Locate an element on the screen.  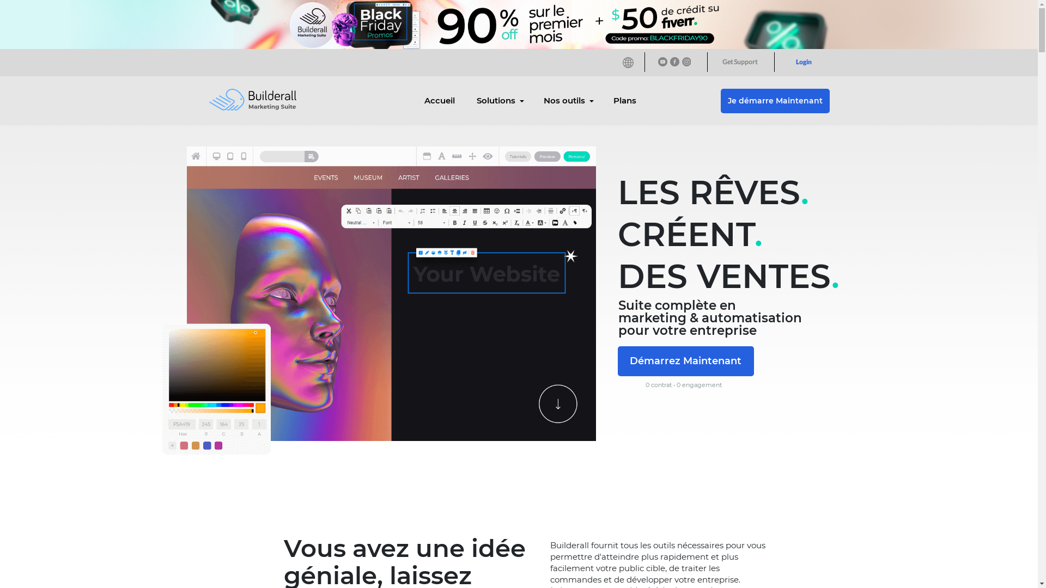
'Login' is located at coordinates (803, 62).